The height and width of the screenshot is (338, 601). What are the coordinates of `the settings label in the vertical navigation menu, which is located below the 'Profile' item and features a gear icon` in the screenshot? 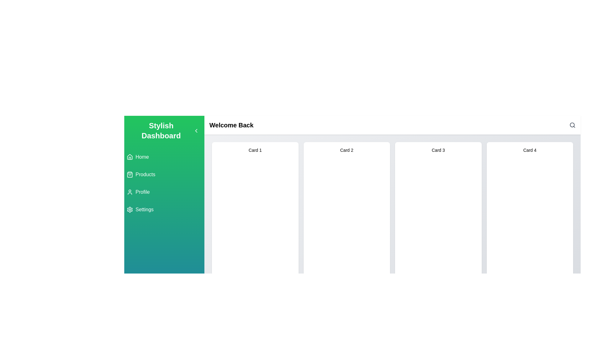 It's located at (144, 210).